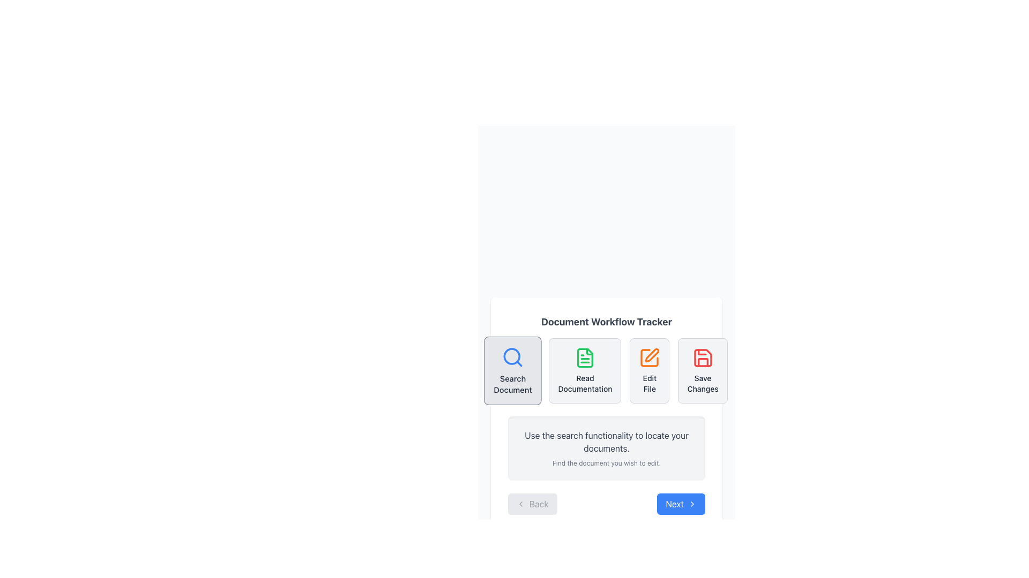 The height and width of the screenshot is (578, 1029). Describe the element at coordinates (584, 358) in the screenshot. I see `the green document icon with a folded corner located in the second tile under the 'Read Documentation' title within the 'Document Workflow Tracker' widget` at that location.